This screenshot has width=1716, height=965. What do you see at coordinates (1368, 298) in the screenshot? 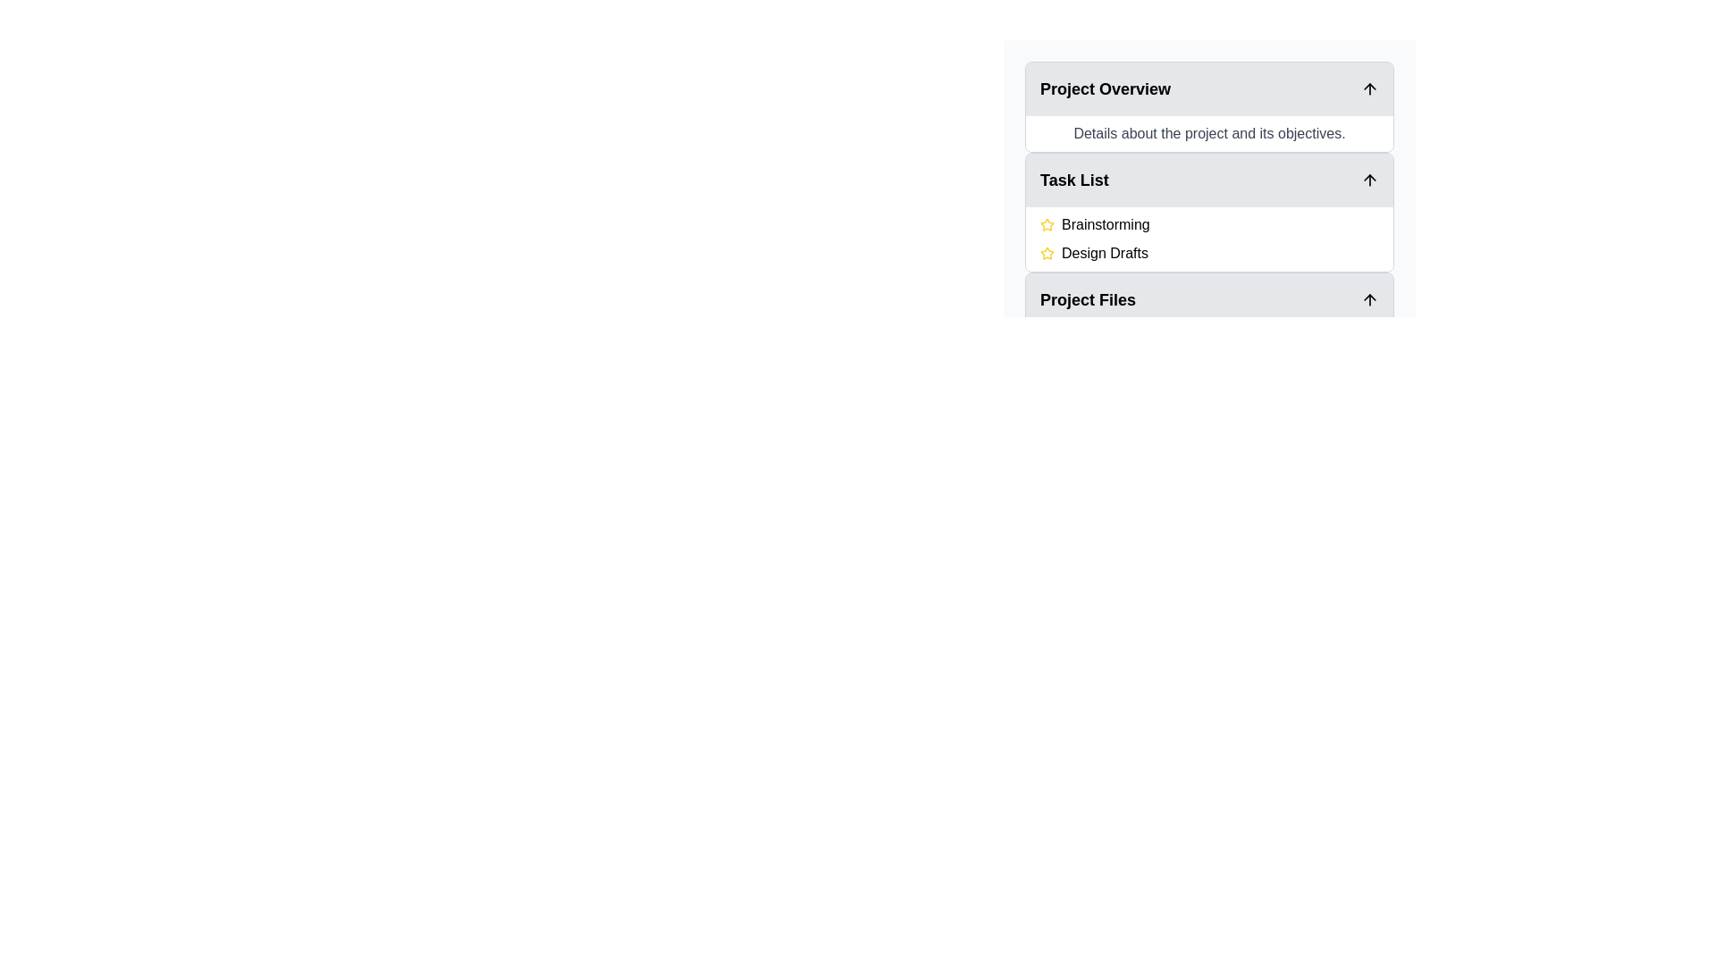
I see `the upward-pointing arrow icon (Toggle) located at the far-right end of the 'Project Files' section header bar` at bounding box center [1368, 298].